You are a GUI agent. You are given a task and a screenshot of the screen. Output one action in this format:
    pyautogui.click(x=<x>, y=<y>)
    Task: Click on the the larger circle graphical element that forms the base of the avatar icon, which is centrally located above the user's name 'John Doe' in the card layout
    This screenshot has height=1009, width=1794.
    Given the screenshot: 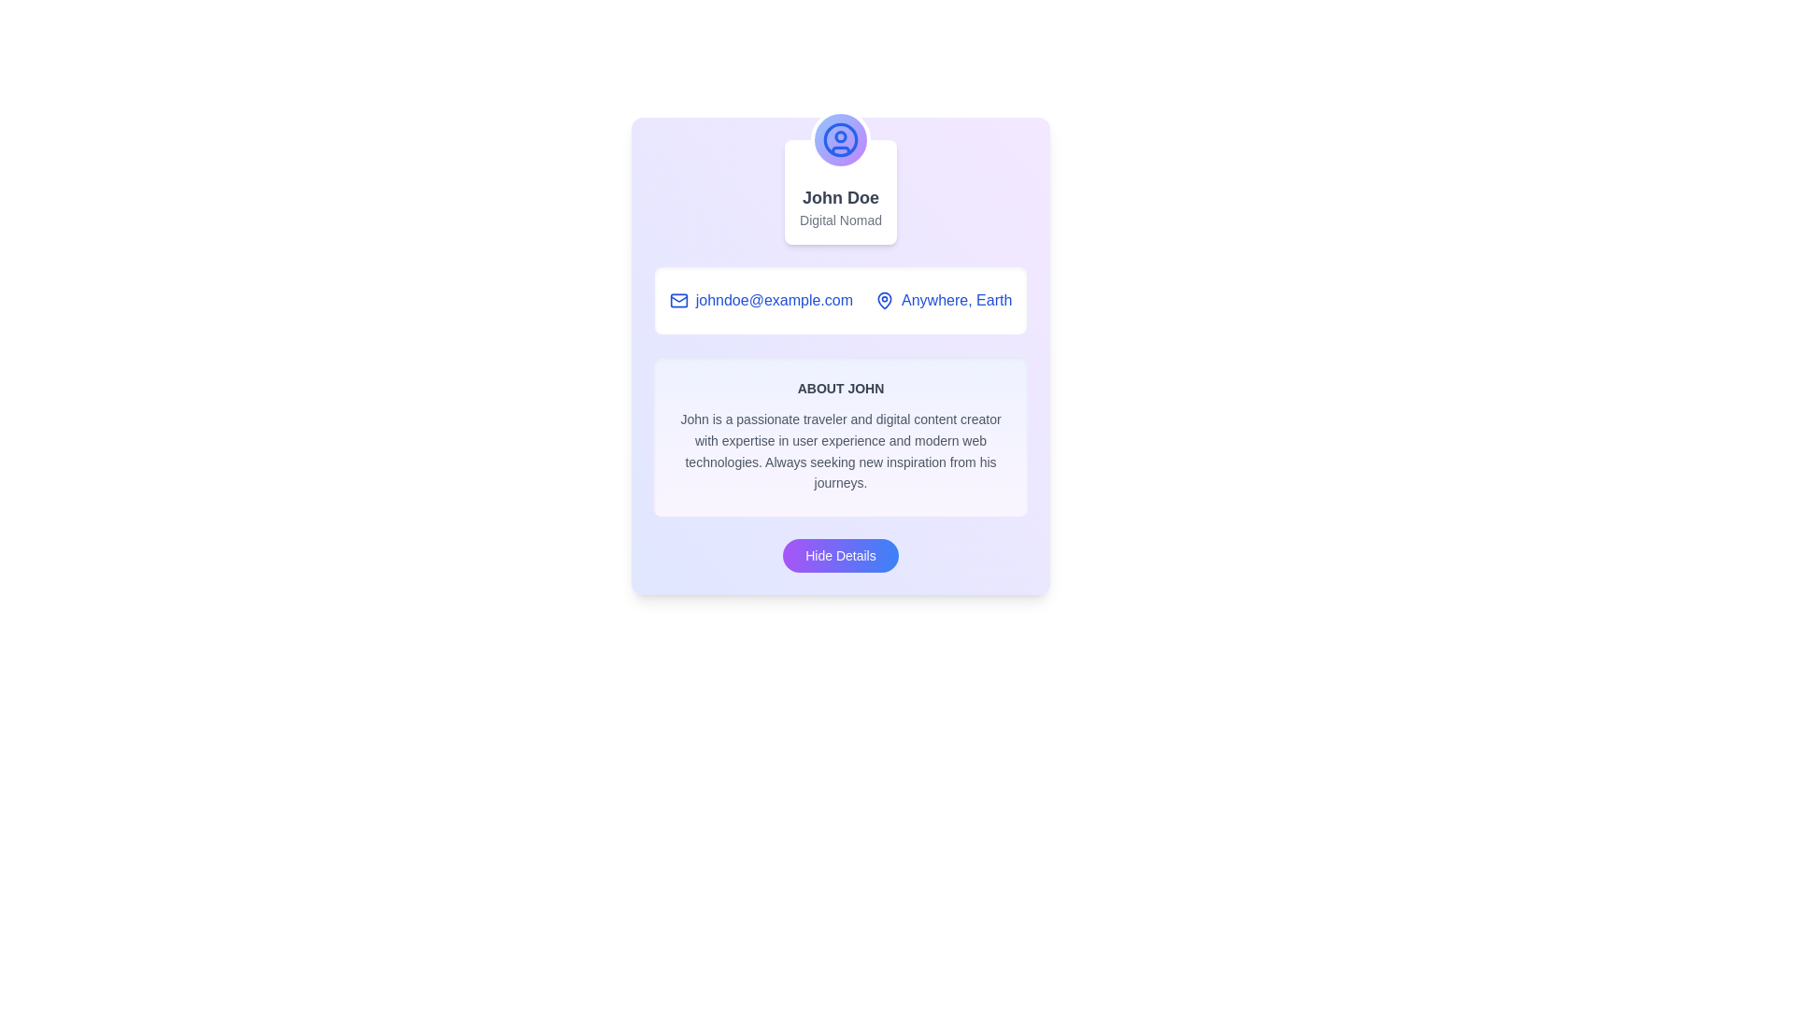 What is the action you would take?
    pyautogui.click(x=840, y=139)
    